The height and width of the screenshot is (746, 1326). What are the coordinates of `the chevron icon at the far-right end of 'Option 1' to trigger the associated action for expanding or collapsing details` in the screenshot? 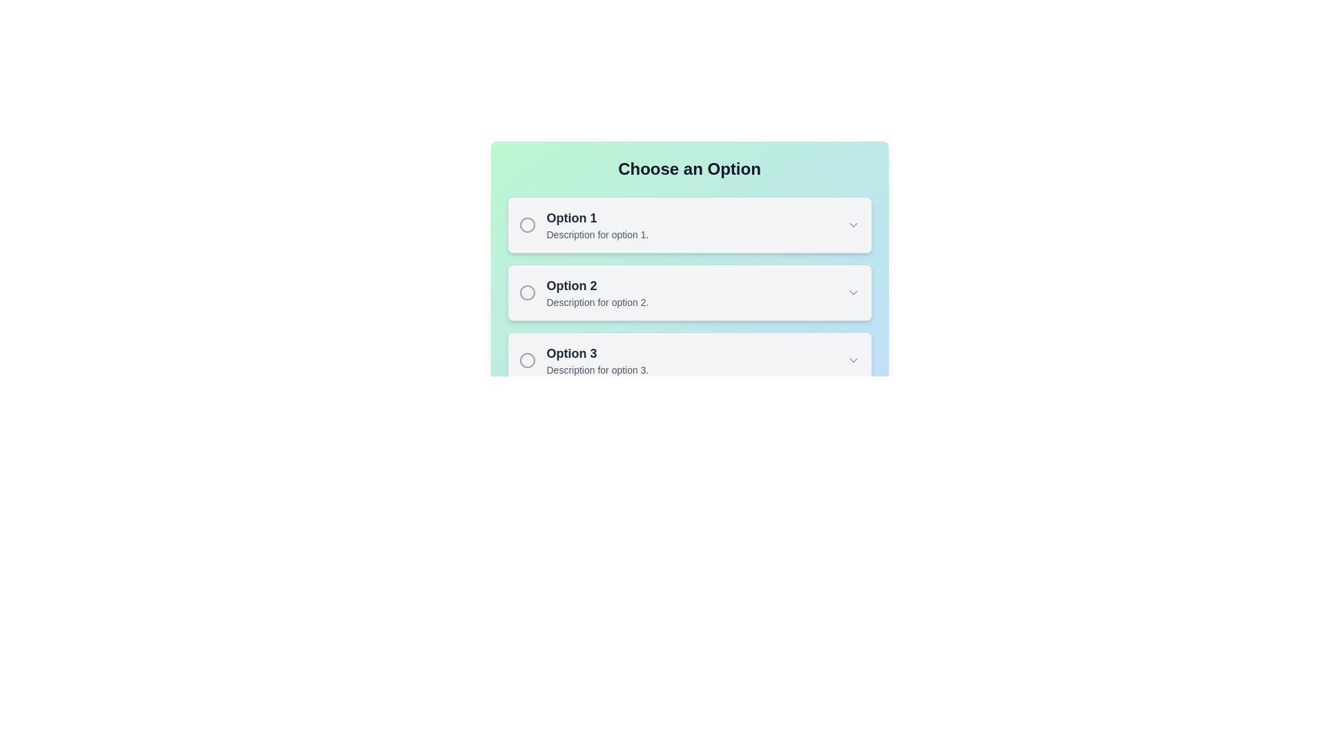 It's located at (852, 224).